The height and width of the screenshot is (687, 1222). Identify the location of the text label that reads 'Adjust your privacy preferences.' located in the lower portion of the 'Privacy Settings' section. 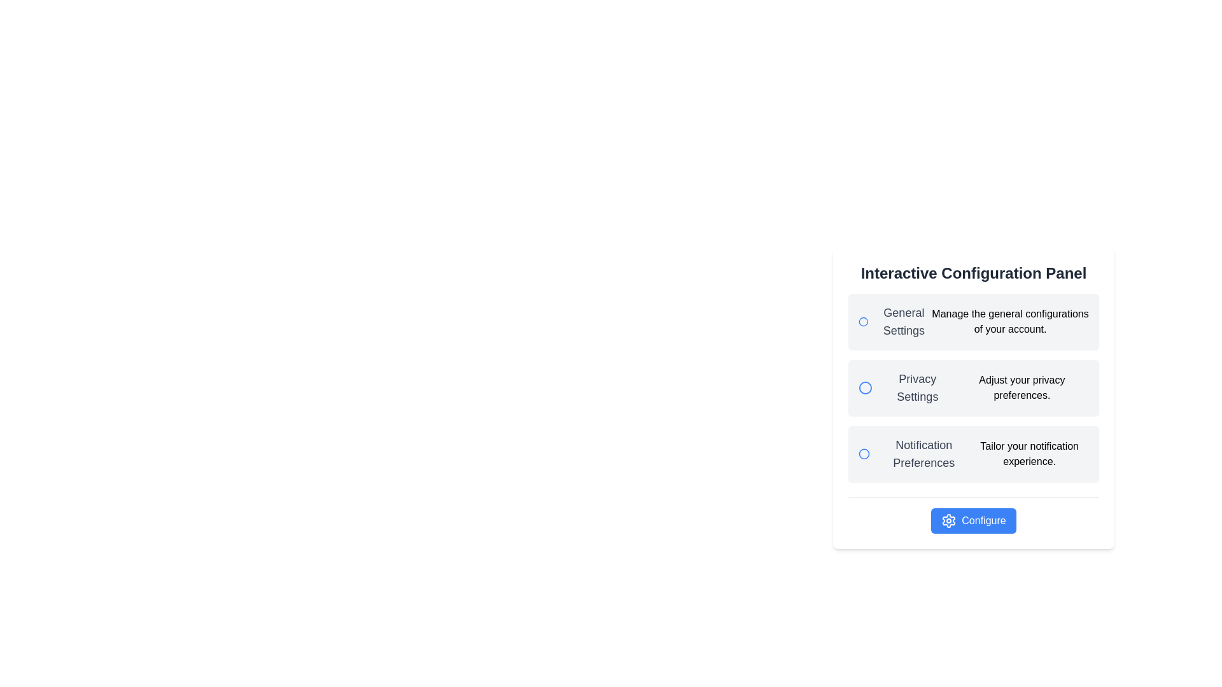
(1022, 387).